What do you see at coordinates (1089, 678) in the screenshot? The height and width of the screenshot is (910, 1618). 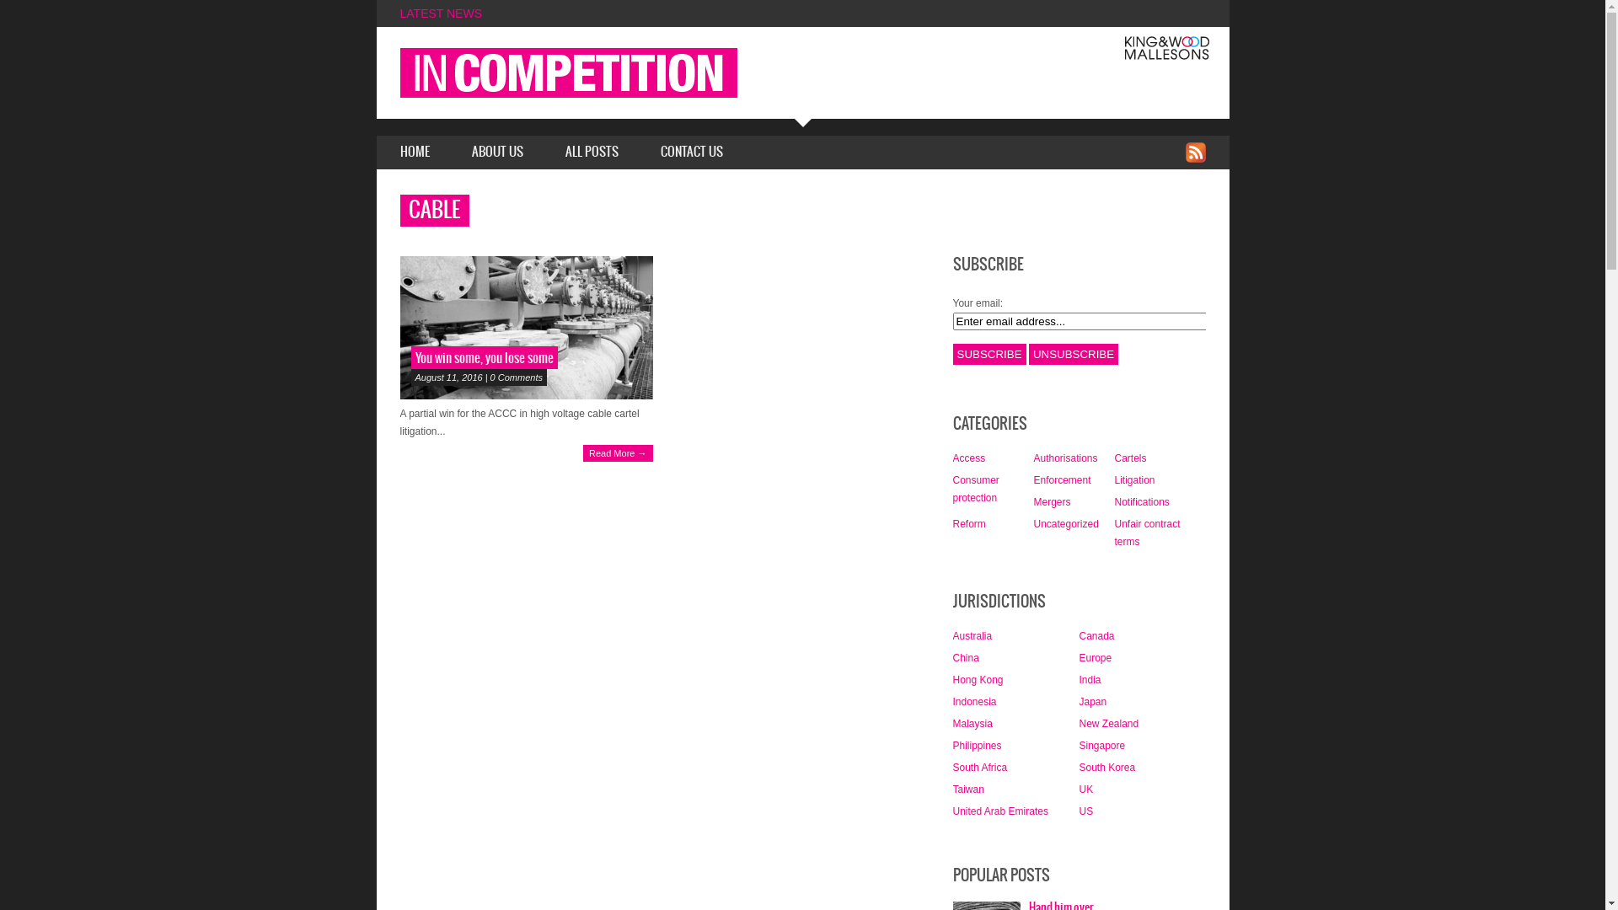 I see `'India'` at bounding box center [1089, 678].